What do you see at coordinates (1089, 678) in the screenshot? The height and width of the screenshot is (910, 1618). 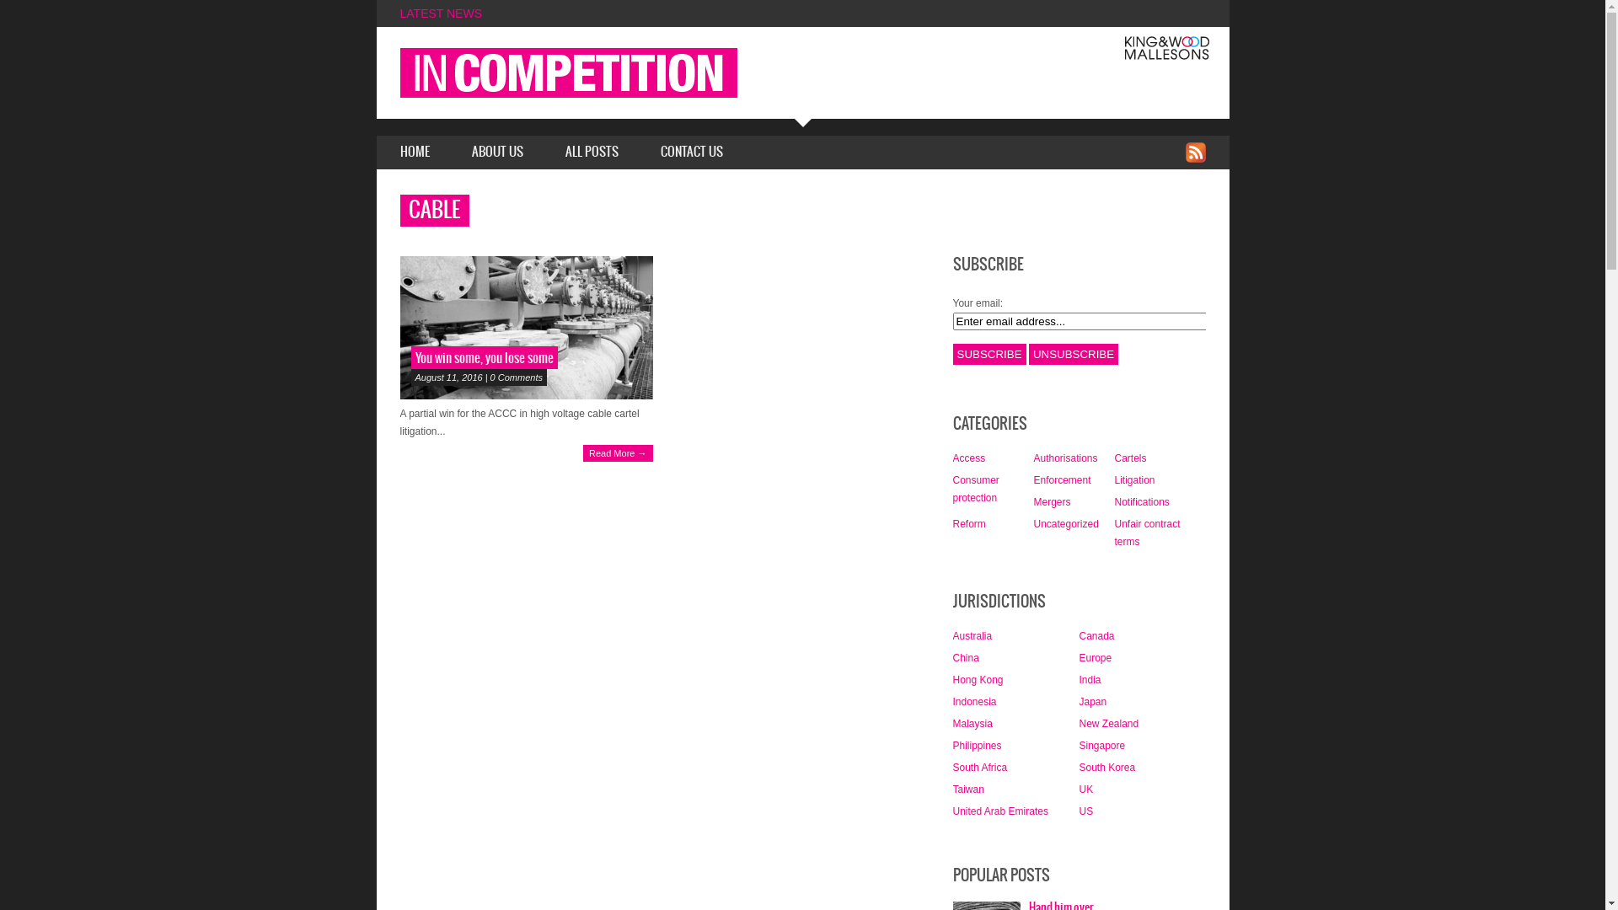 I see `'India'` at bounding box center [1089, 678].